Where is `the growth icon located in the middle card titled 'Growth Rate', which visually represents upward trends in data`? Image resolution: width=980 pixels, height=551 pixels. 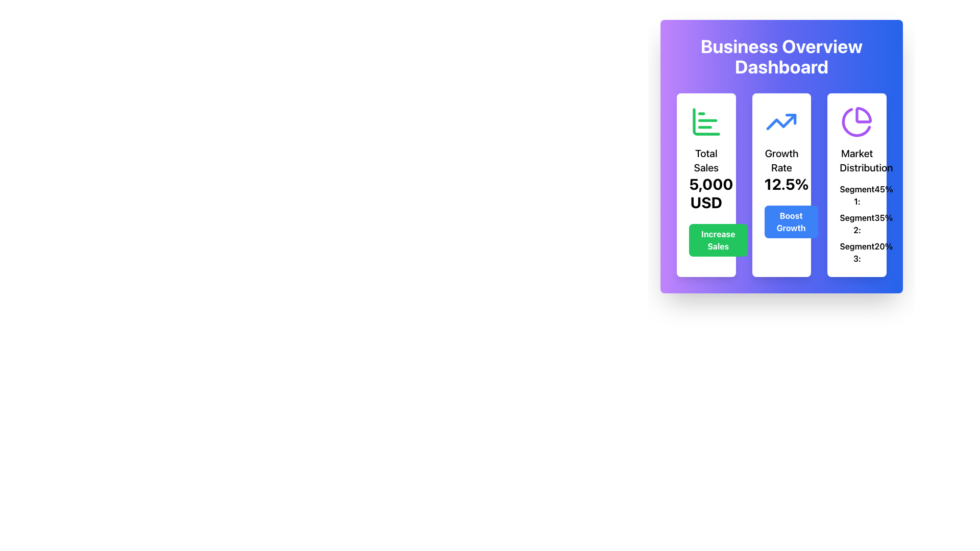 the growth icon located in the middle card titled 'Growth Rate', which visually represents upward trends in data is located at coordinates (781, 121).